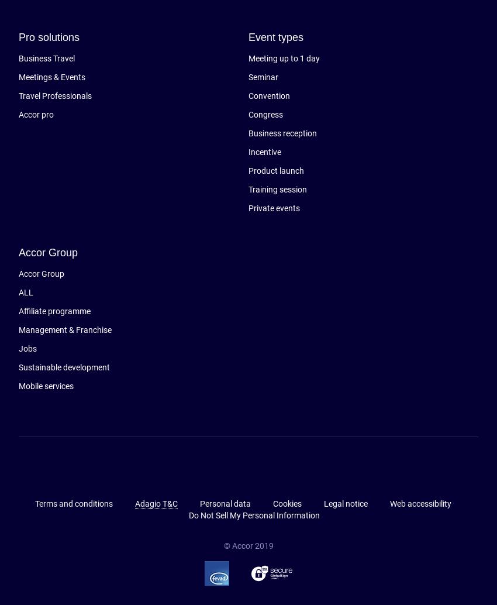 The image size is (497, 605). Describe the element at coordinates (49, 37) in the screenshot. I see `'Pro solutions'` at that location.